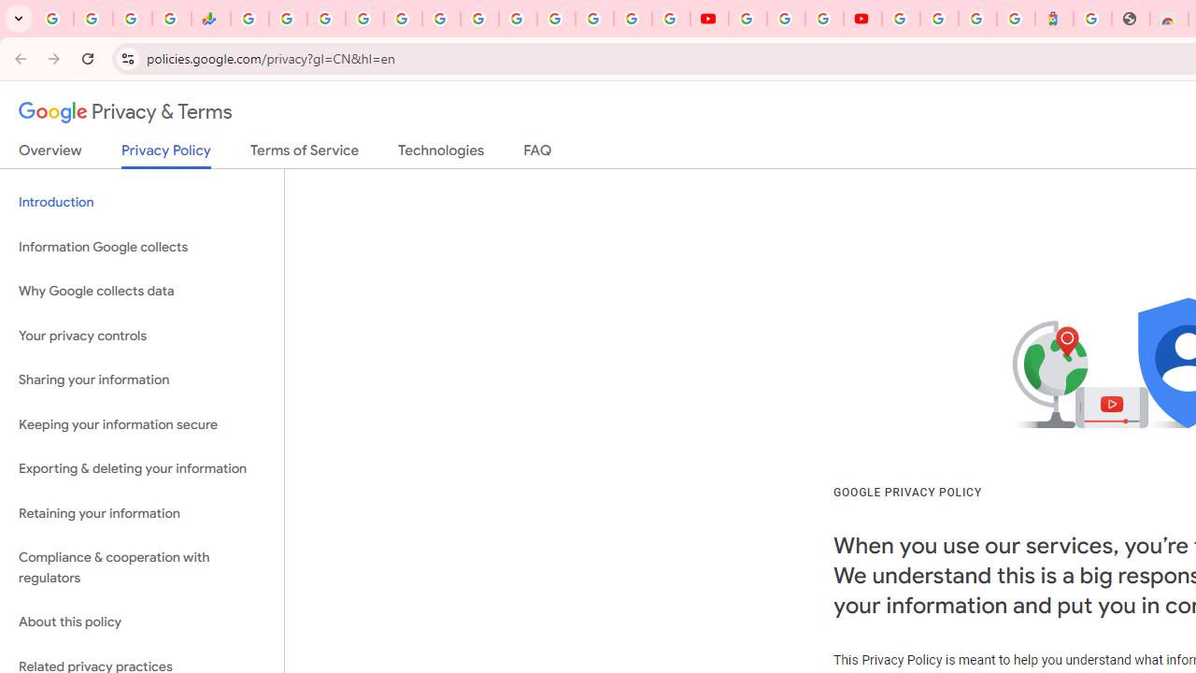 The image size is (1196, 673). I want to click on 'Keeping your information secure', so click(141, 424).